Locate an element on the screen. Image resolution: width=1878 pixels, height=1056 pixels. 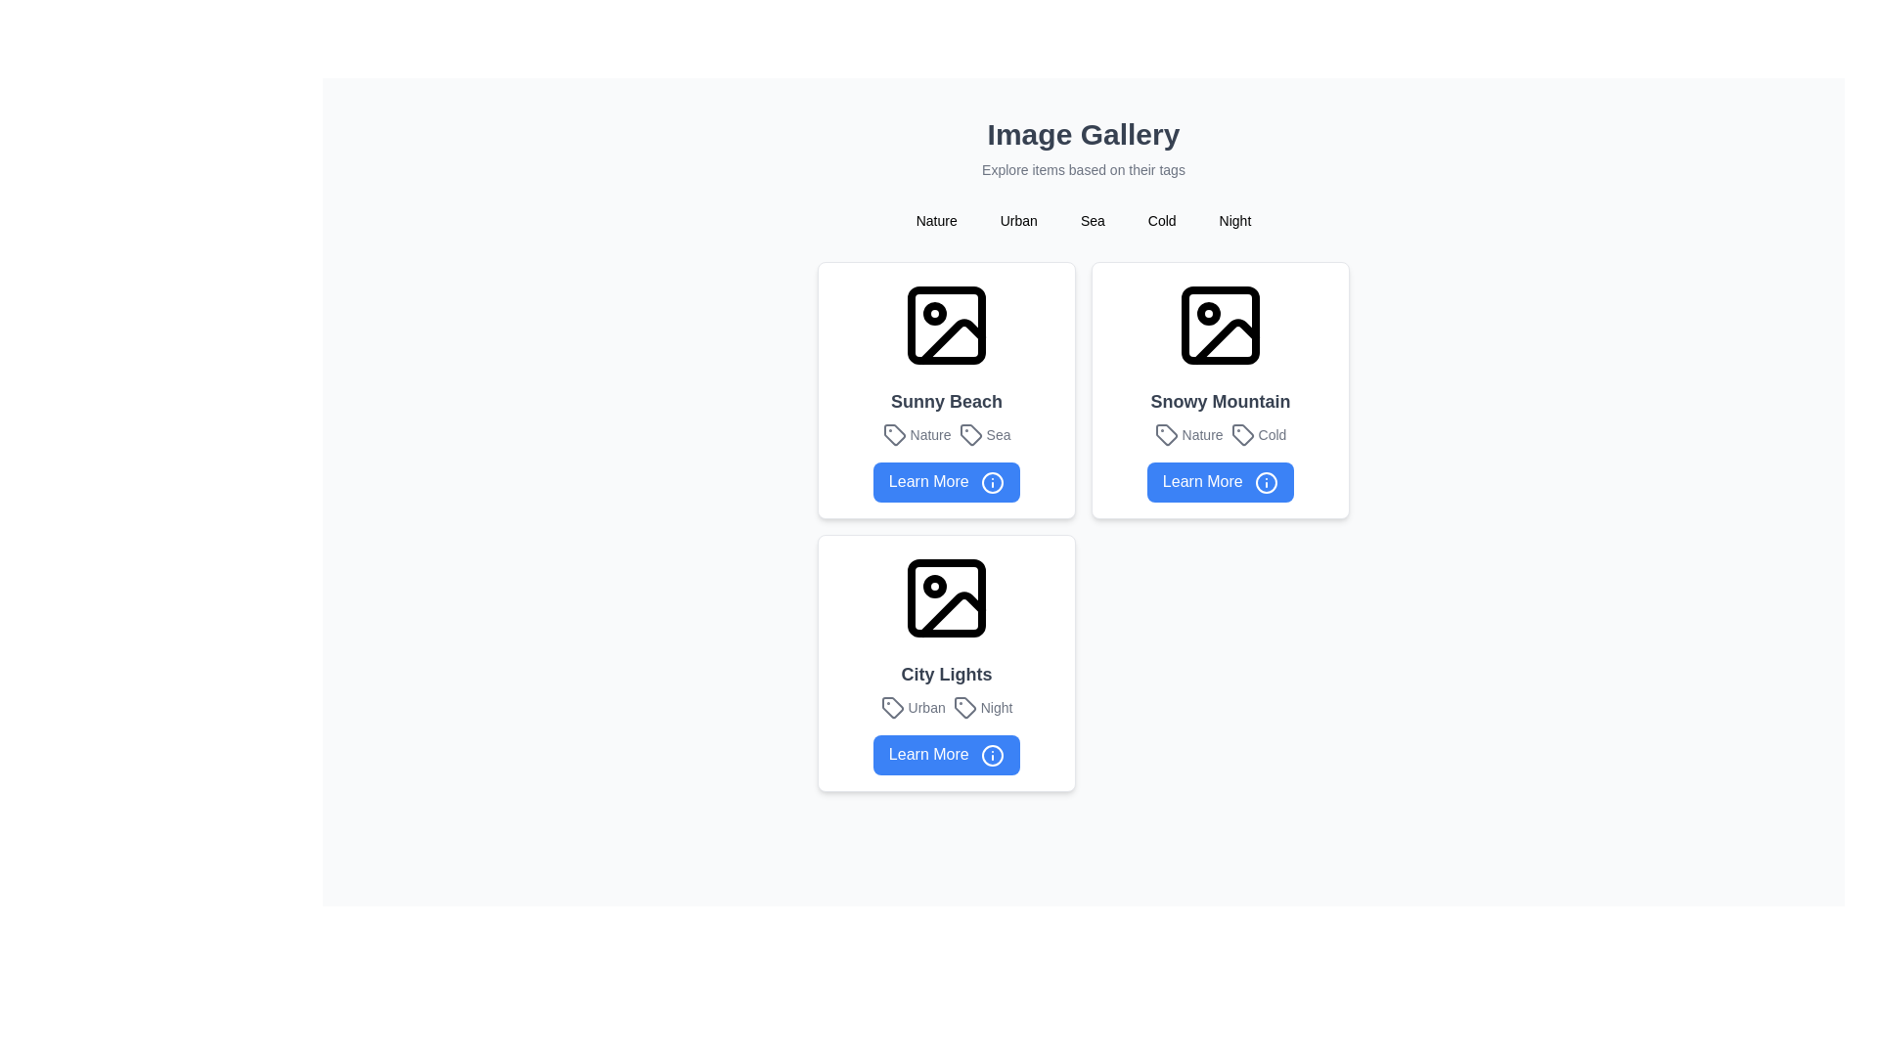
the button-like text label displaying 'Urban' is located at coordinates (1017, 220).